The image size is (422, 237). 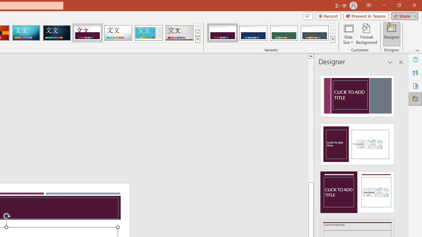 What do you see at coordinates (197, 39) in the screenshot?
I see `'Themes'` at bounding box center [197, 39].